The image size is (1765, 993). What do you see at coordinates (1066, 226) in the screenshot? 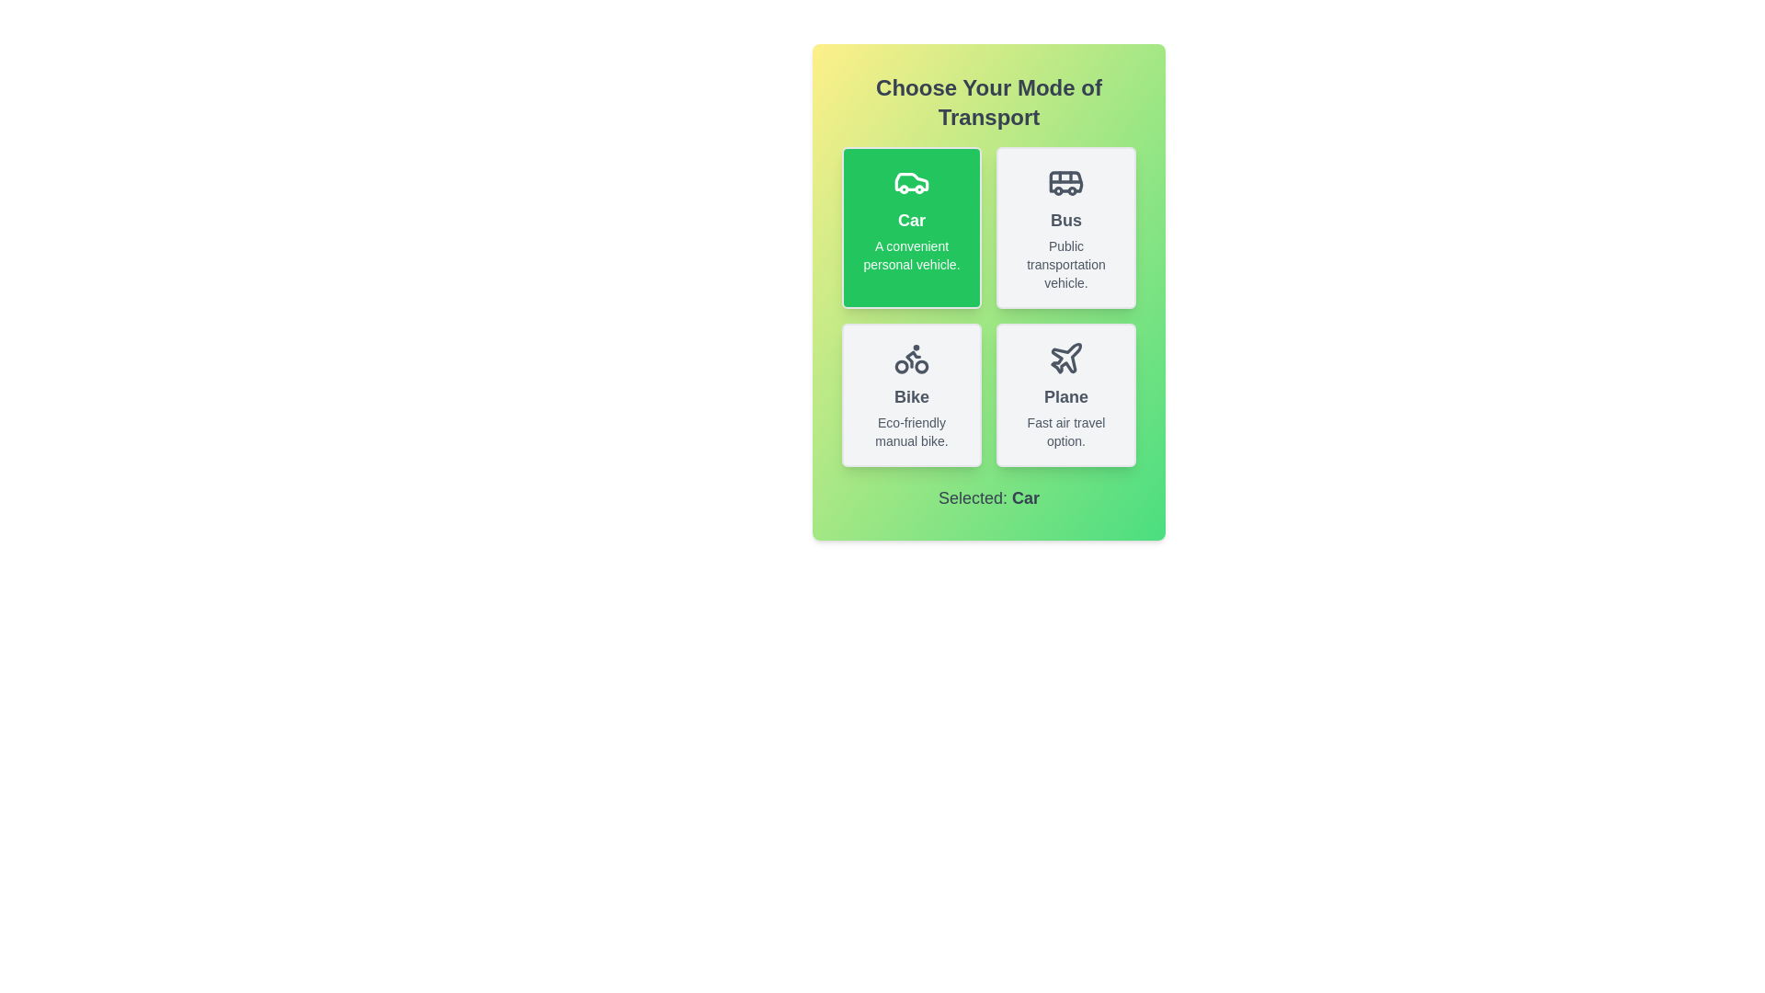
I see `the transport mode Bus by clicking the corresponding button` at bounding box center [1066, 226].